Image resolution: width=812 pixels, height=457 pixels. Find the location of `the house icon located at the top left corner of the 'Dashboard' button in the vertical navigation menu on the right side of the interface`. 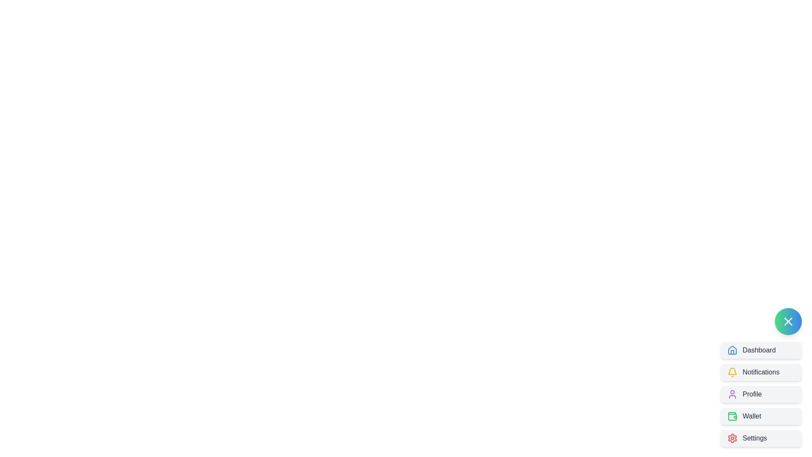

the house icon located at the top left corner of the 'Dashboard' button in the vertical navigation menu on the right side of the interface is located at coordinates (732, 350).